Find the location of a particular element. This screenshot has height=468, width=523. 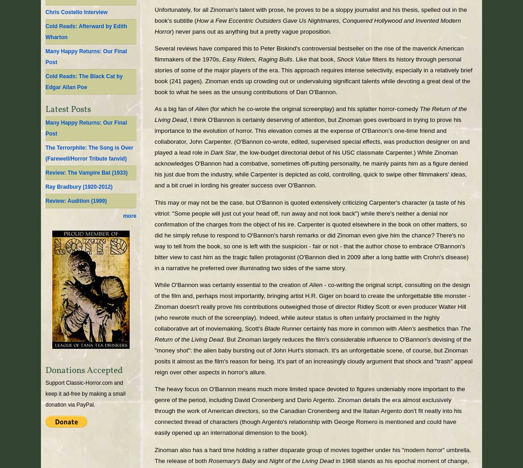

'Several reviews have compared this to
Peter Biskind's controversial bestseller on the rise of the
maverick American filmmakers of the 1970s,' is located at coordinates (155, 53).